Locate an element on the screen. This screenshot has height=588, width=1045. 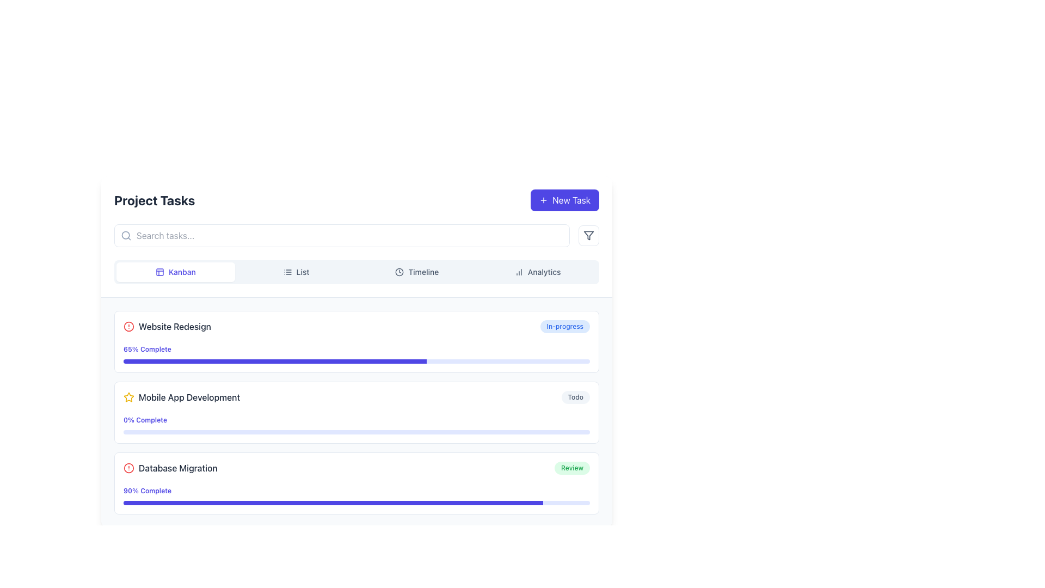
the text label that indicates the completion percentage of the 'Website Redesign' task, located in the first task card above the progress bar is located at coordinates (146, 348).